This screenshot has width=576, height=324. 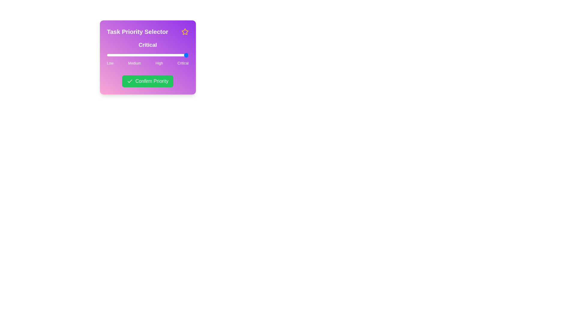 What do you see at coordinates (107, 55) in the screenshot?
I see `the priority level on the slider` at bounding box center [107, 55].